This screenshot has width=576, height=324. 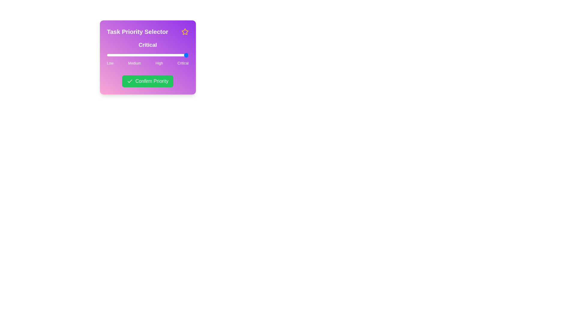 What do you see at coordinates (107, 55) in the screenshot?
I see `the priority level on the slider` at bounding box center [107, 55].